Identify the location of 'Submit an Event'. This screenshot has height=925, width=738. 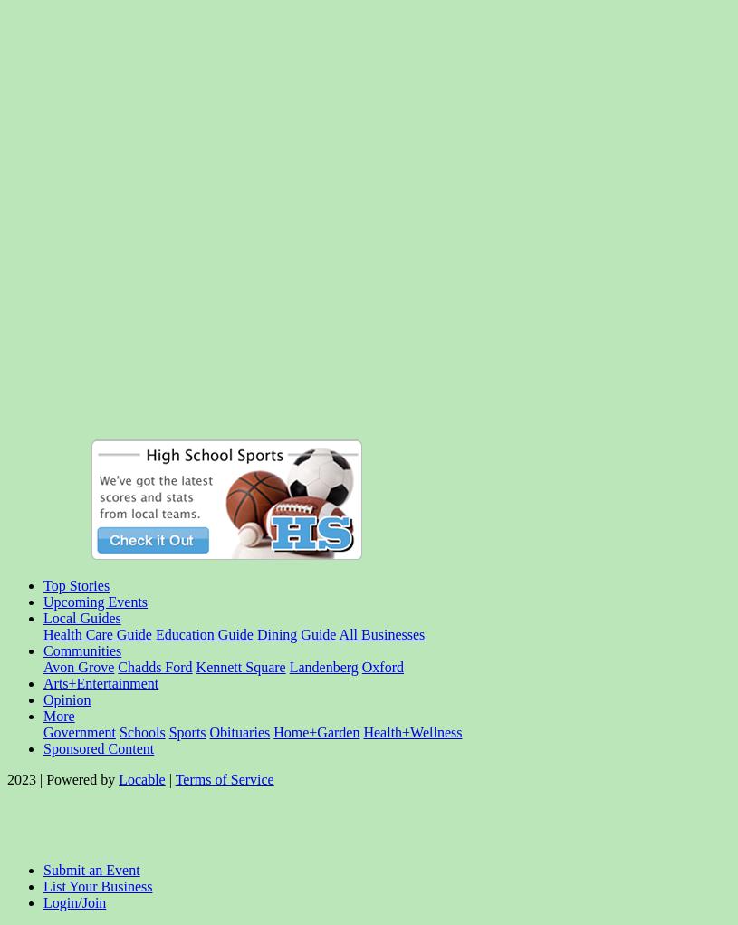
(90, 869).